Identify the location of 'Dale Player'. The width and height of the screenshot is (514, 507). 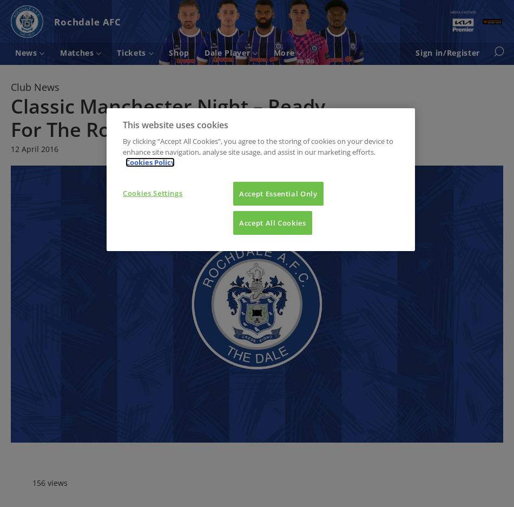
(227, 51).